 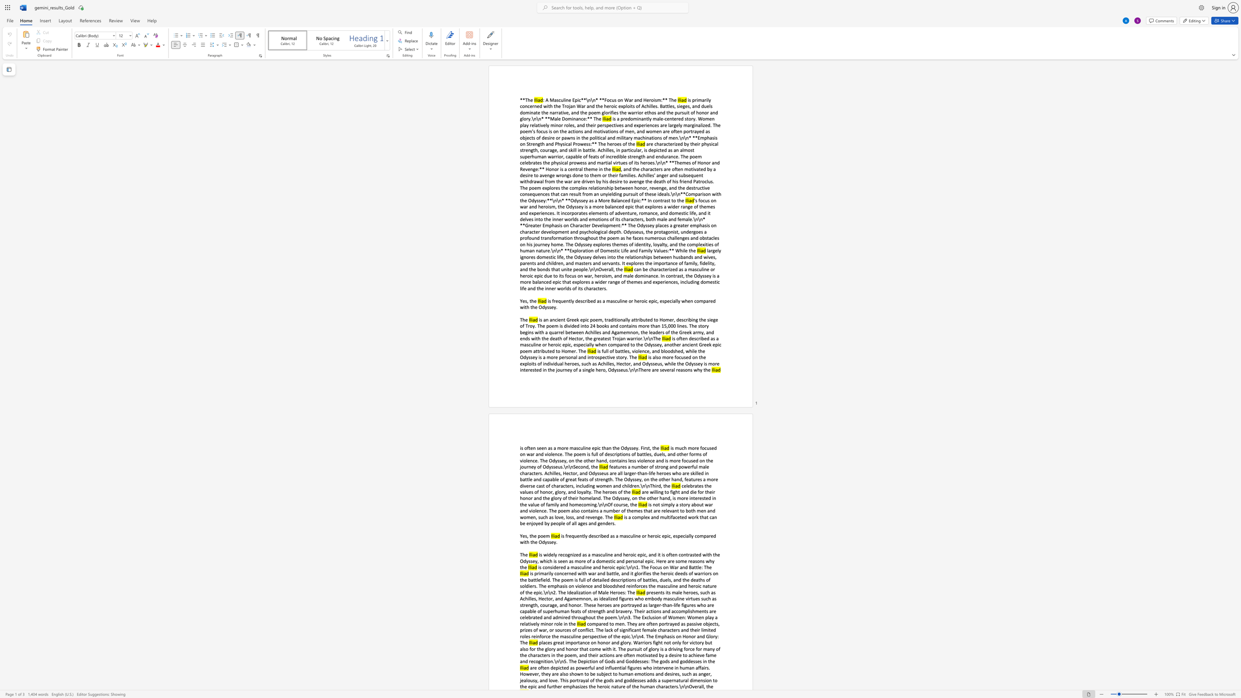 I want to click on the subset text "nor an" within the text "compared to men. They are often portrayed as passive objects, prizes of war, or sources of conflict. The lack of significant female characters and their limited roles reinforce the masculine perspective of the epic.\n\n4. The Emphasis on Honor and Glory: The", so click(x=688, y=636).